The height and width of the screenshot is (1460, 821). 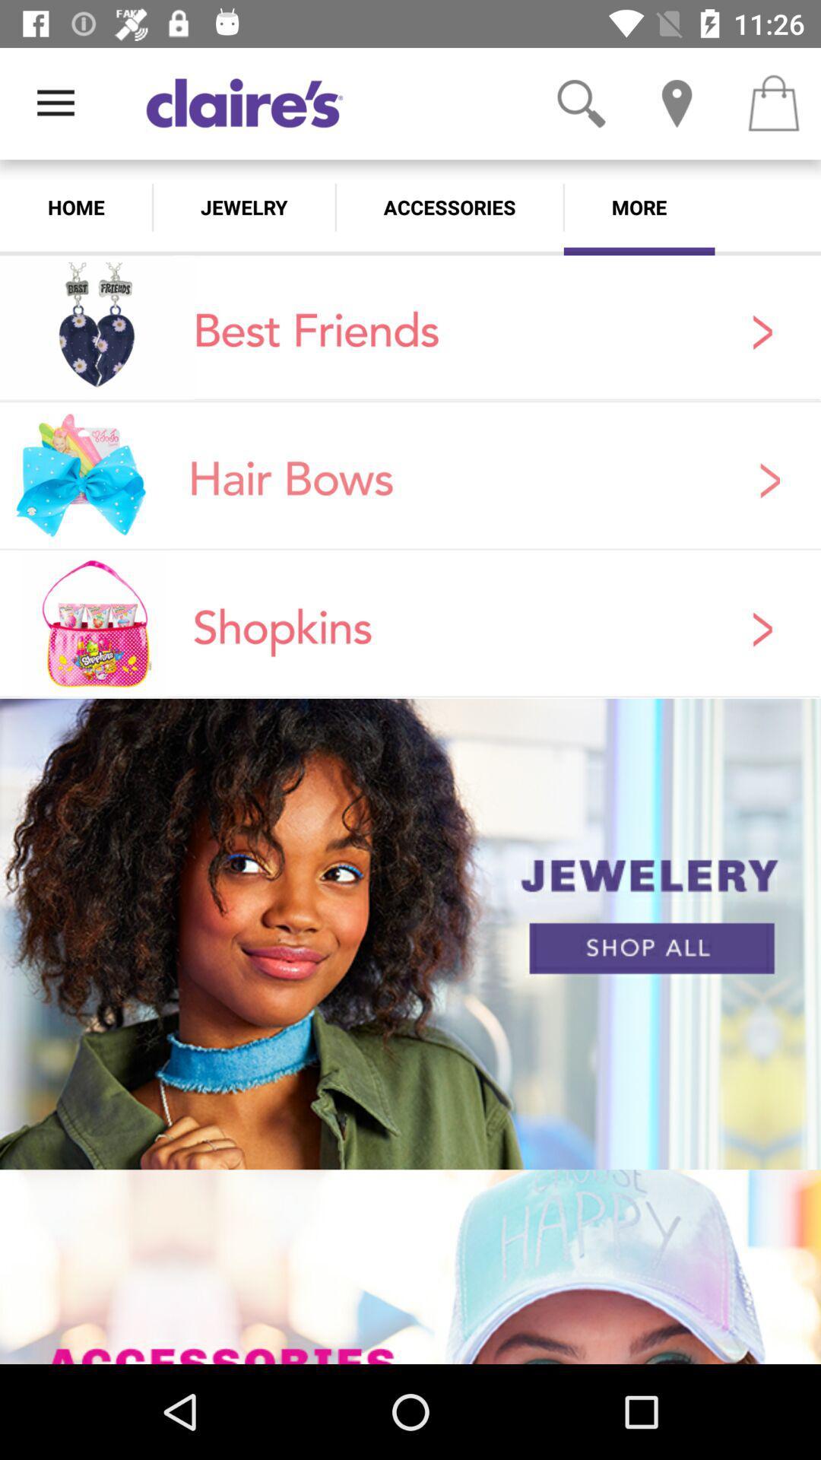 I want to click on the item next to the more icon, so click(x=449, y=207).